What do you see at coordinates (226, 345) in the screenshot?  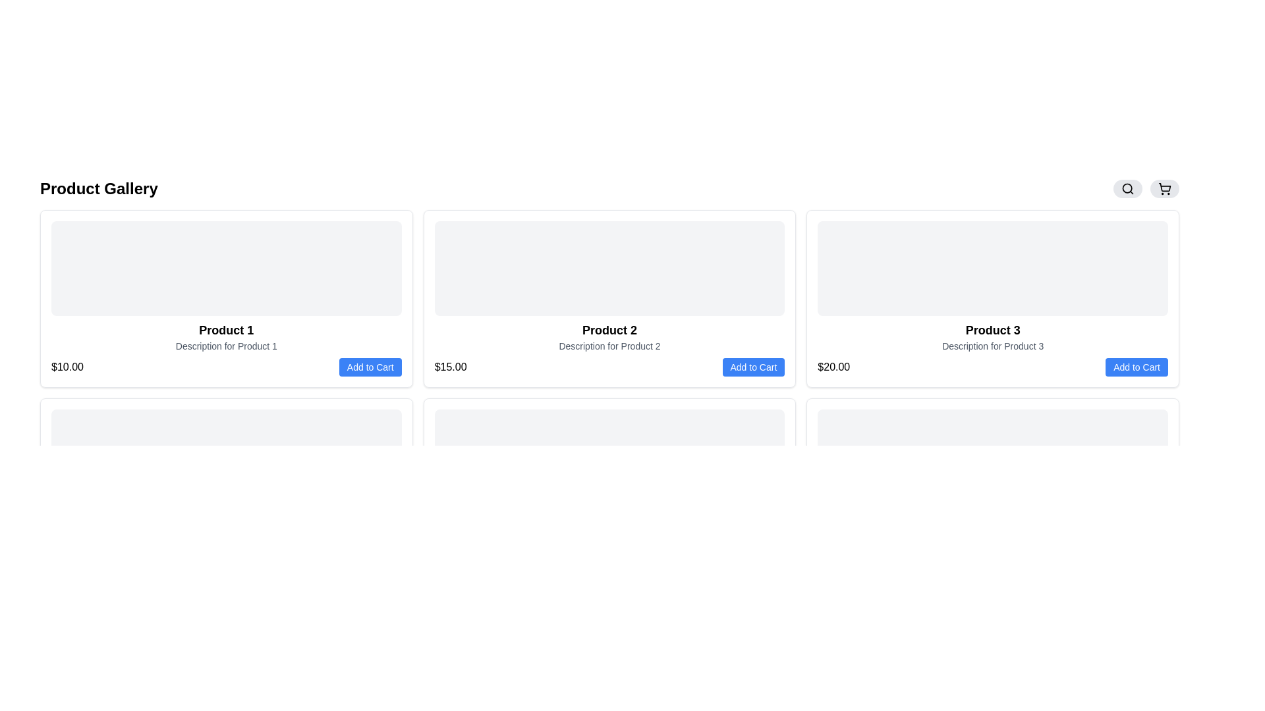 I see `the text label reading 'Description for Product 1', which is styled with a small-sized gray font and is located below the 'Product 1' title` at bounding box center [226, 345].